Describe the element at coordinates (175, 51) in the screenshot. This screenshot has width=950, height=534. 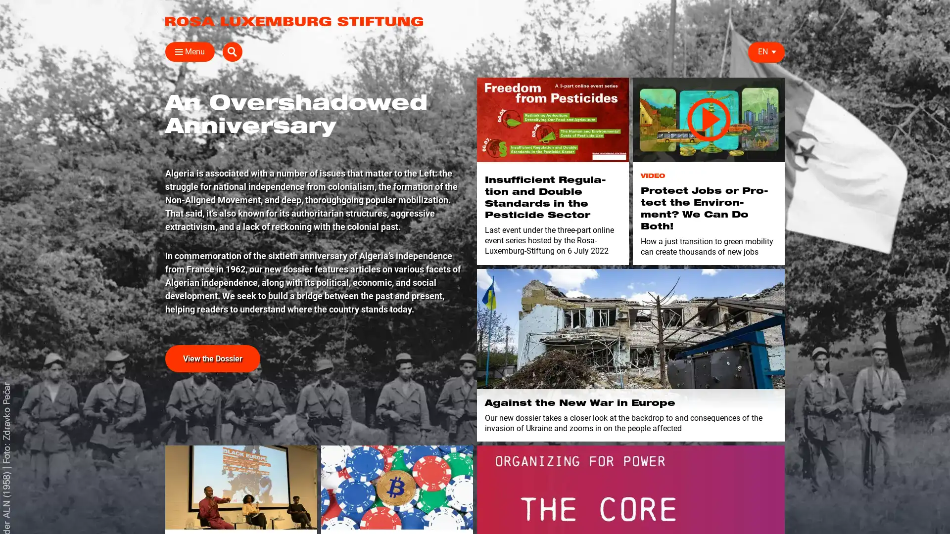
I see `Close` at that location.